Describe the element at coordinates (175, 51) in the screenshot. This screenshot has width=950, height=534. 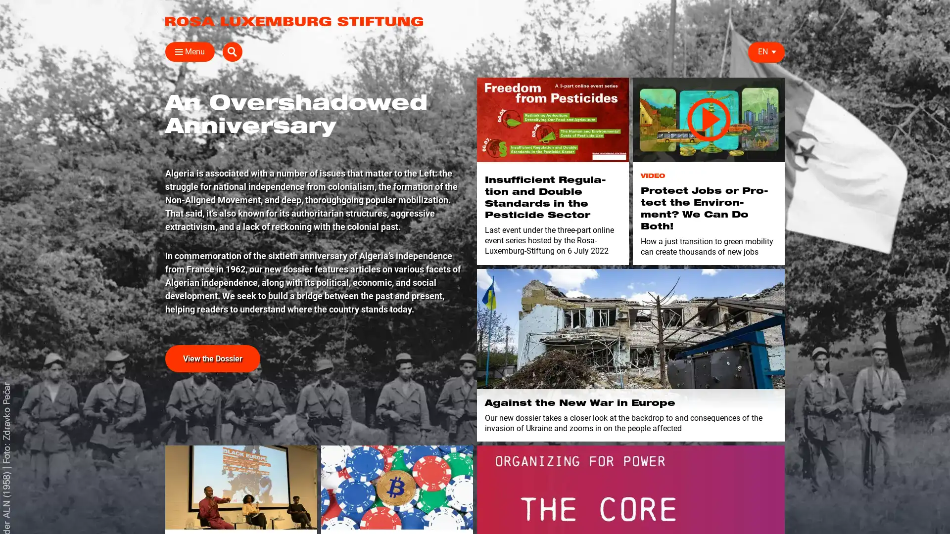
I see `Close` at that location.